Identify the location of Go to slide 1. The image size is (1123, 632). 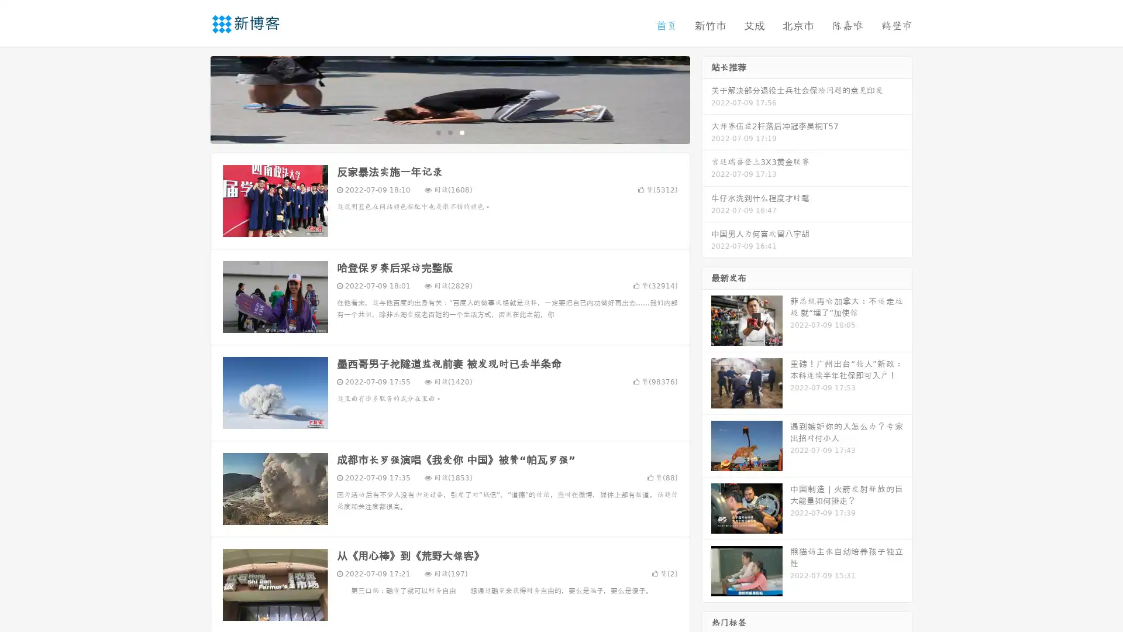
(438, 132).